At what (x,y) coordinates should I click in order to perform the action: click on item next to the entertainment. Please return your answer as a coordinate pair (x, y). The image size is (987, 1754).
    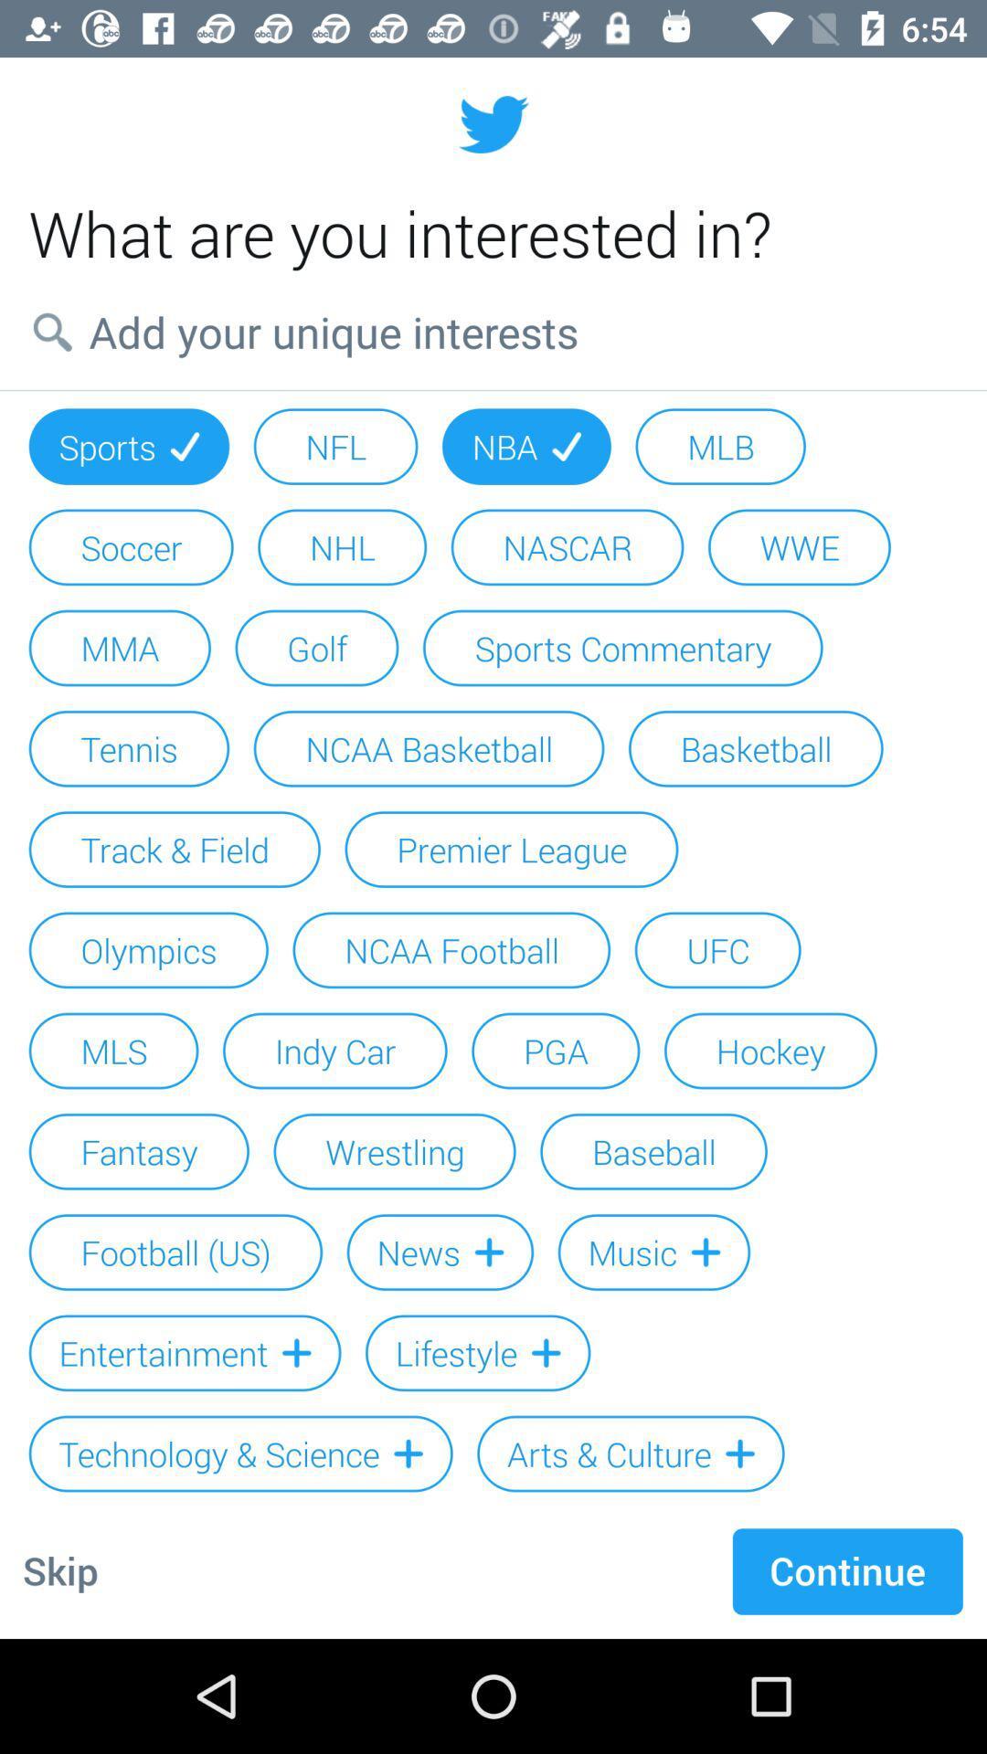
    Looking at the image, I should click on (477, 1353).